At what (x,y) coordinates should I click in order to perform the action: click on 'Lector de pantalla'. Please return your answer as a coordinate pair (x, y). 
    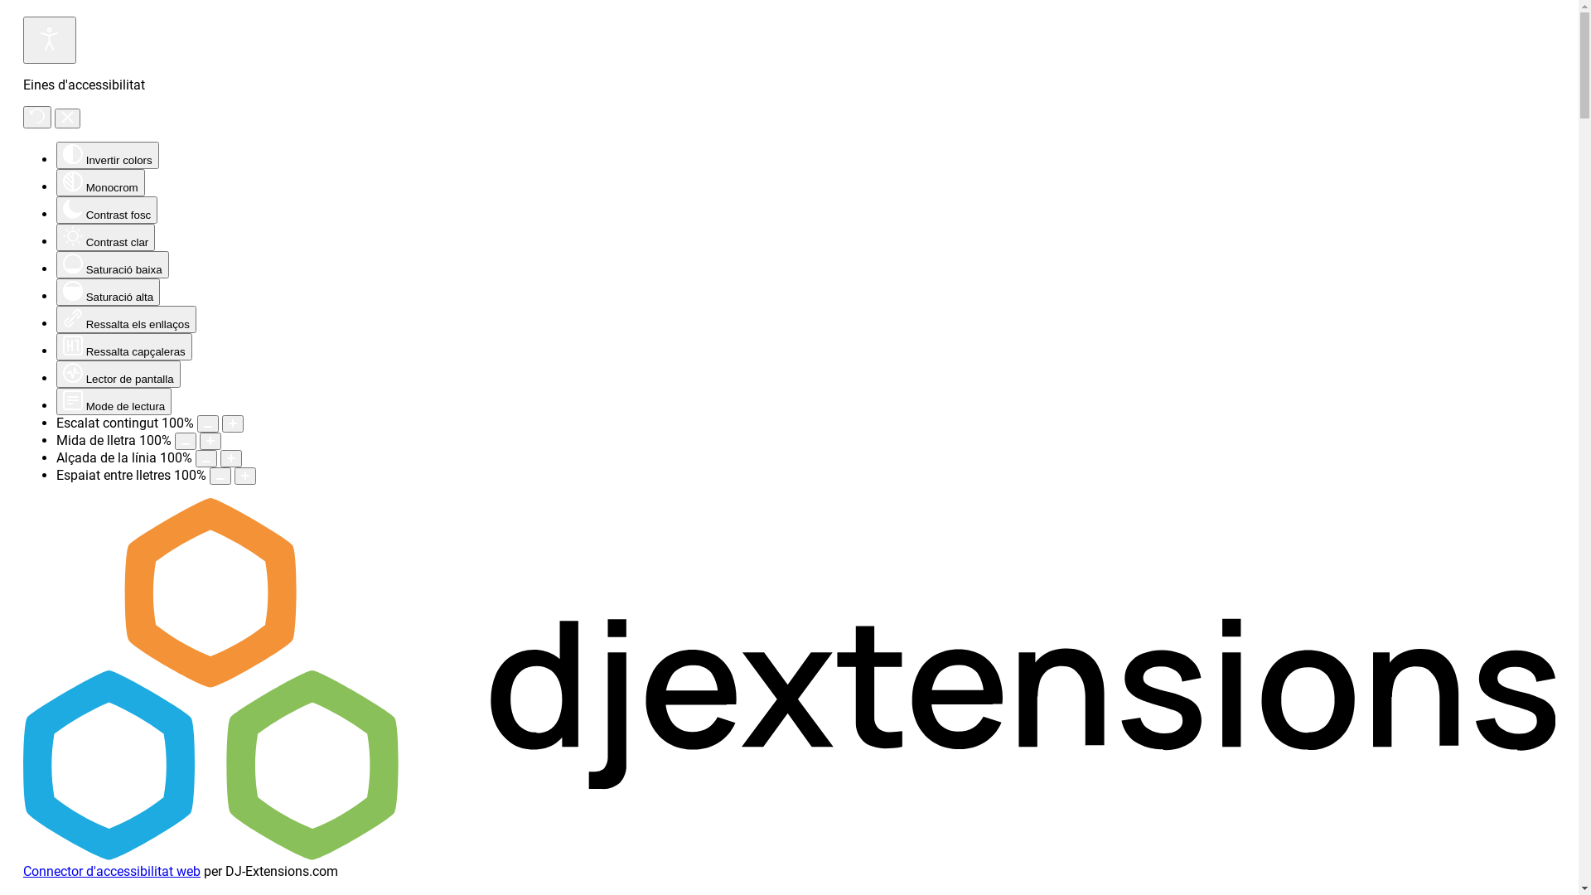
    Looking at the image, I should click on (118, 374).